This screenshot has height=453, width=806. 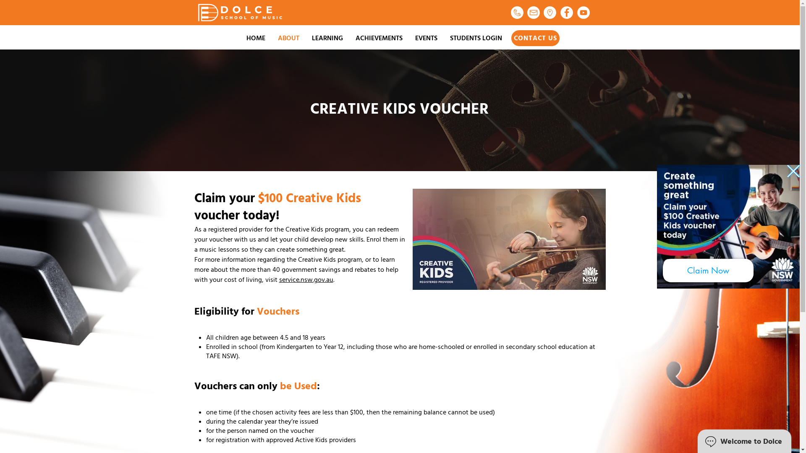 I want to click on 'EVENTS', so click(x=409, y=38).